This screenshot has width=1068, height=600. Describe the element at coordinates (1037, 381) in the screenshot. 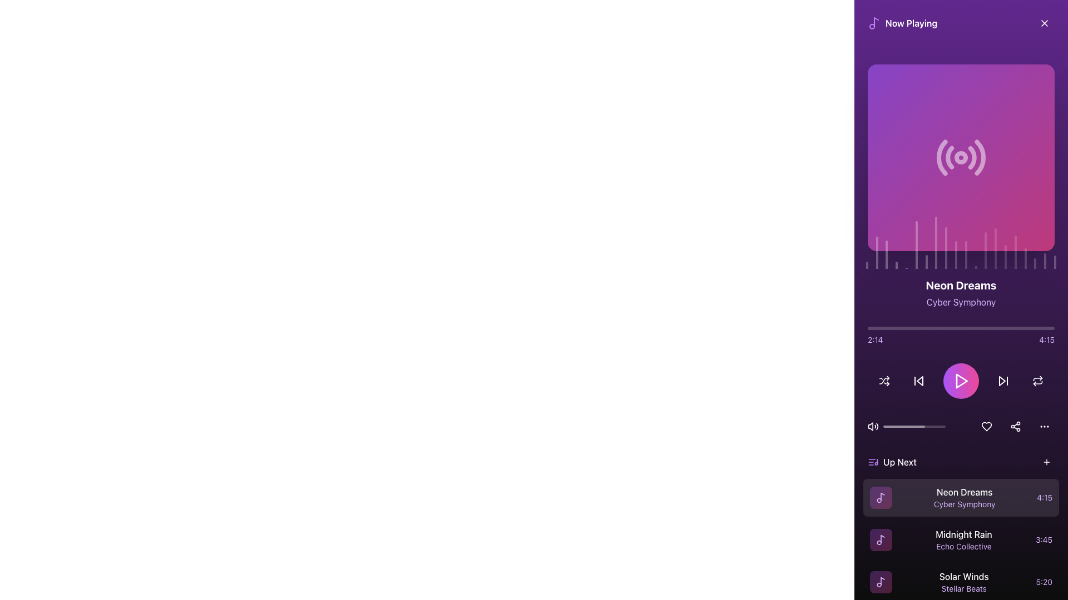

I see `the button with a purple background featuring a white icon of two arrows looping back to each other` at that location.